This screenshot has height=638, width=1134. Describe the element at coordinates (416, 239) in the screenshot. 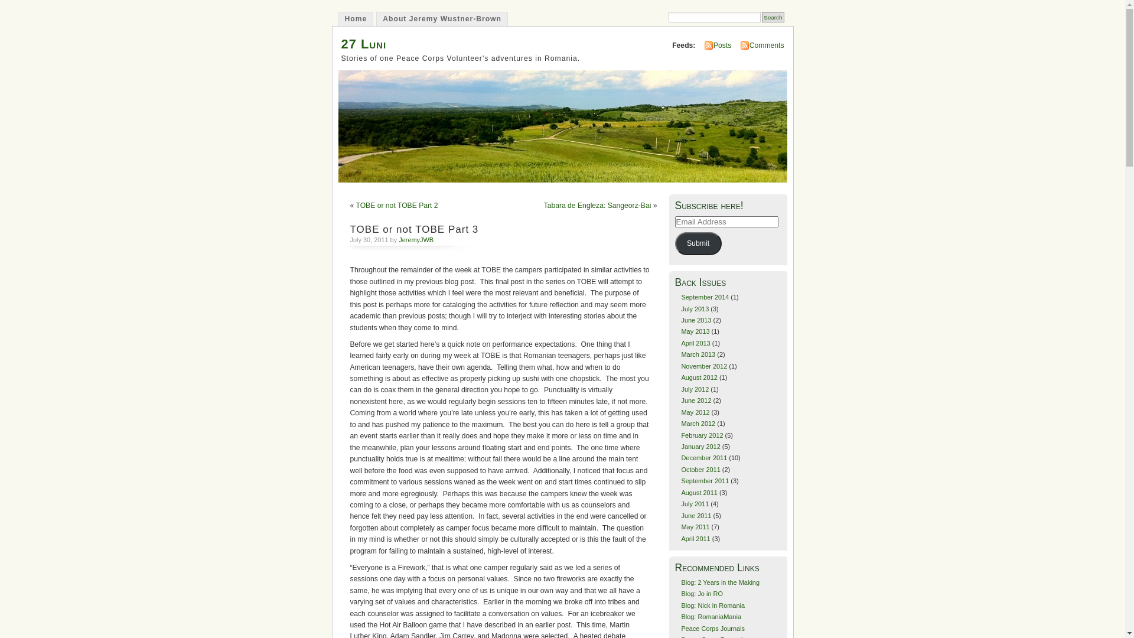

I see `'JeremyJWB'` at that location.